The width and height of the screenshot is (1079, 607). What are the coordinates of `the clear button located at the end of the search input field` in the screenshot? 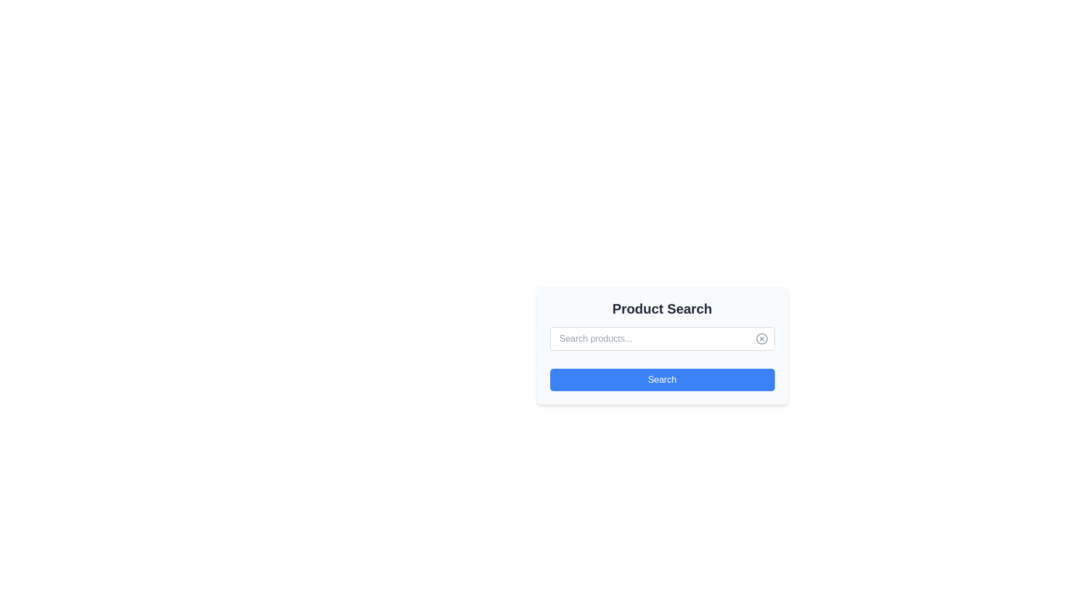 It's located at (761, 338).